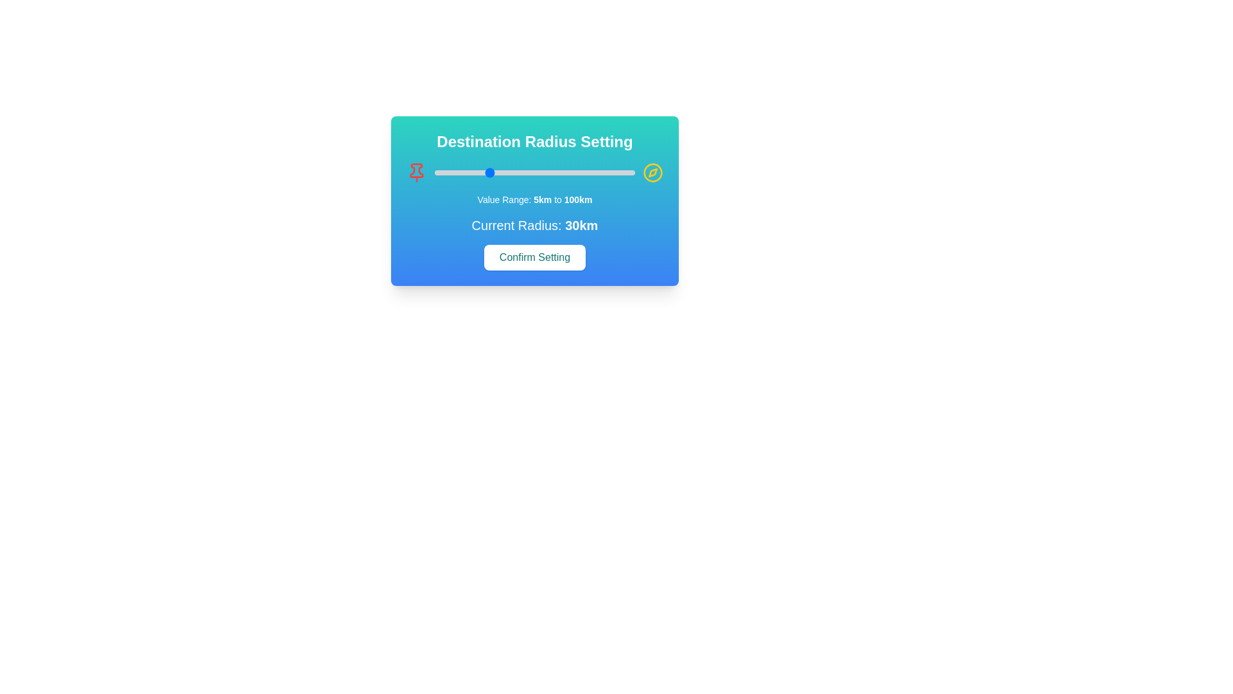  Describe the element at coordinates (631, 172) in the screenshot. I see `the radius slider to set the radius to 98 km` at that location.